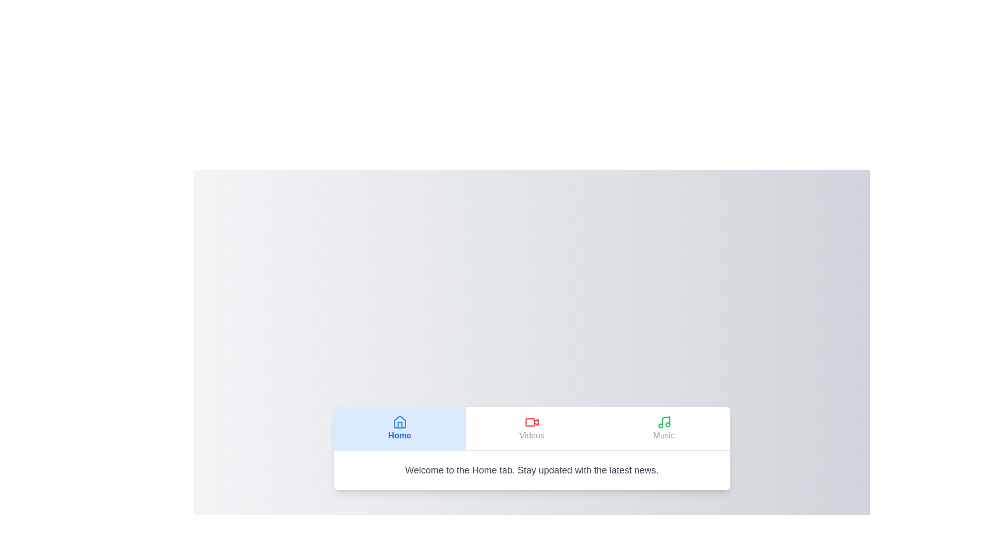 The width and height of the screenshot is (991, 557). Describe the element at coordinates (664, 428) in the screenshot. I see `the Music tab by clicking its button` at that location.